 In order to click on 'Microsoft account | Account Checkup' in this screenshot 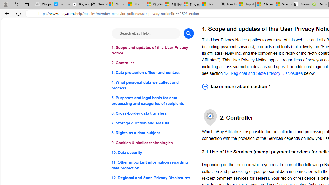, I will do `click(209, 4)`.